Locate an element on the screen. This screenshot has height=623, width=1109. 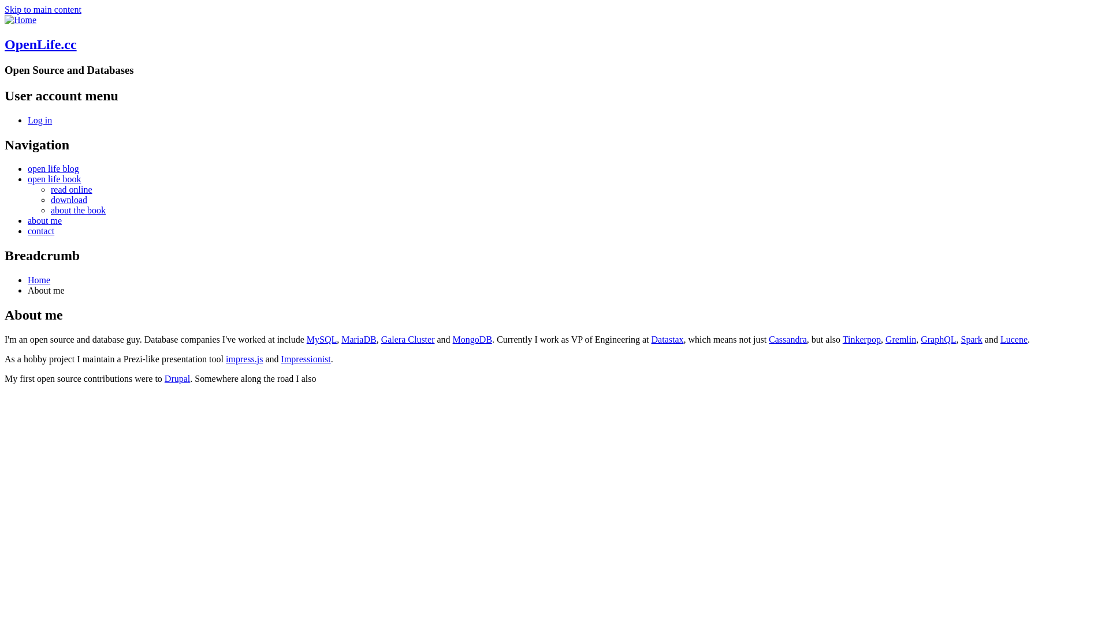
'Log in' is located at coordinates (28, 120).